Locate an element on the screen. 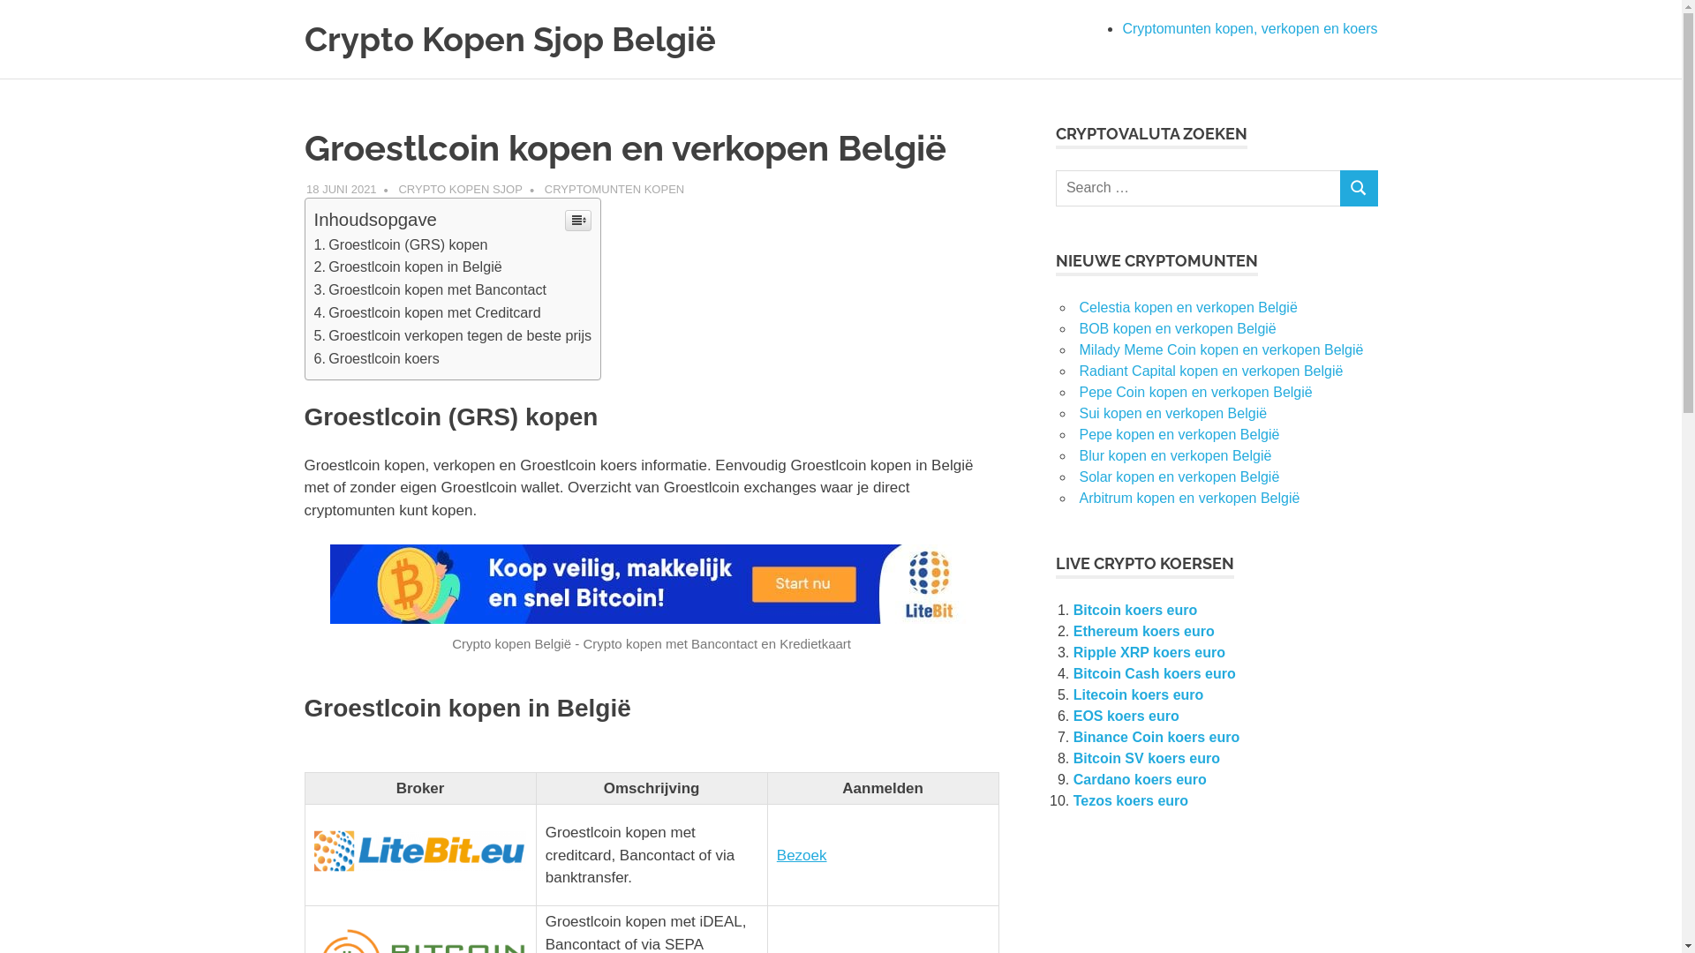 Image resolution: width=1695 pixels, height=953 pixels. 'Ripple XRP koers euro' is located at coordinates (1149, 652).